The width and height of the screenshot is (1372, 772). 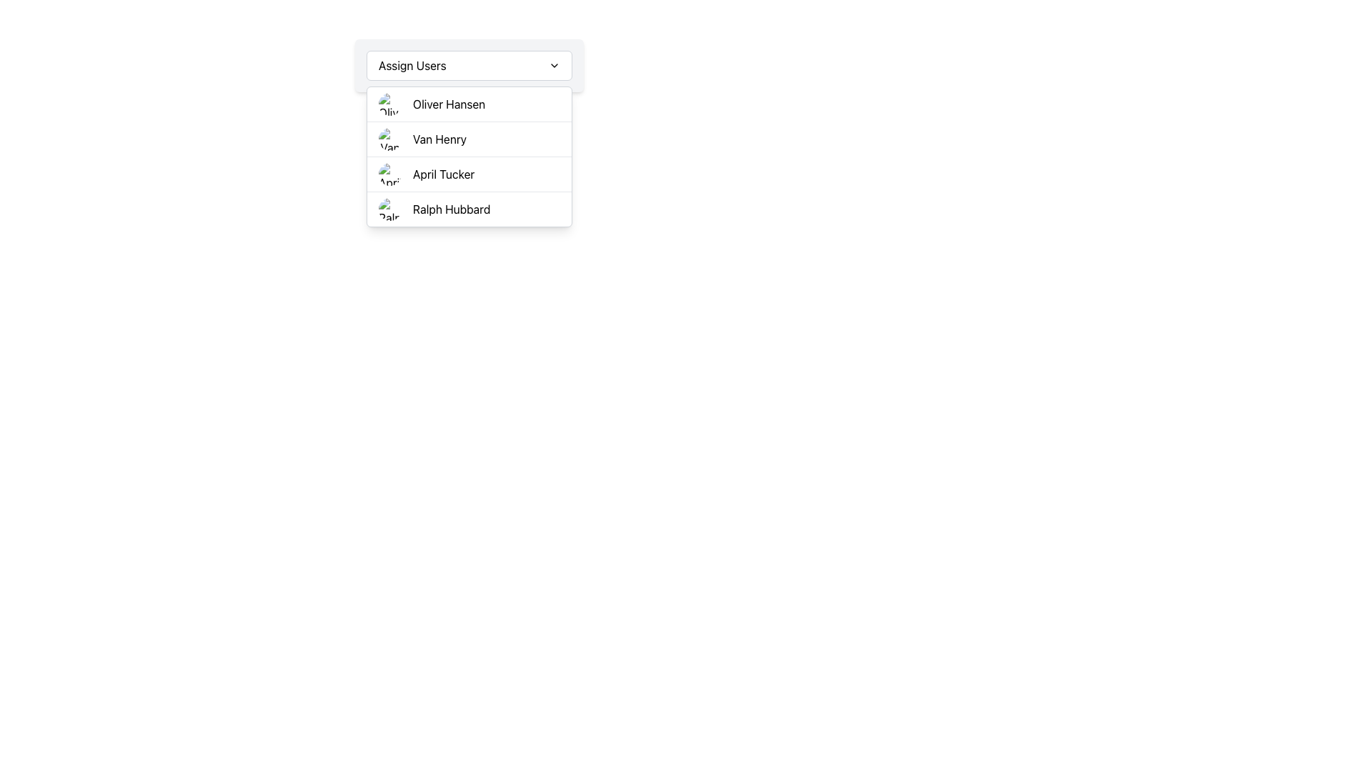 I want to click on to select the dropdown list item displaying 'April Tucker' with a circular avatar image, located as the third item in the vertical list of selectable items, so click(x=469, y=173).